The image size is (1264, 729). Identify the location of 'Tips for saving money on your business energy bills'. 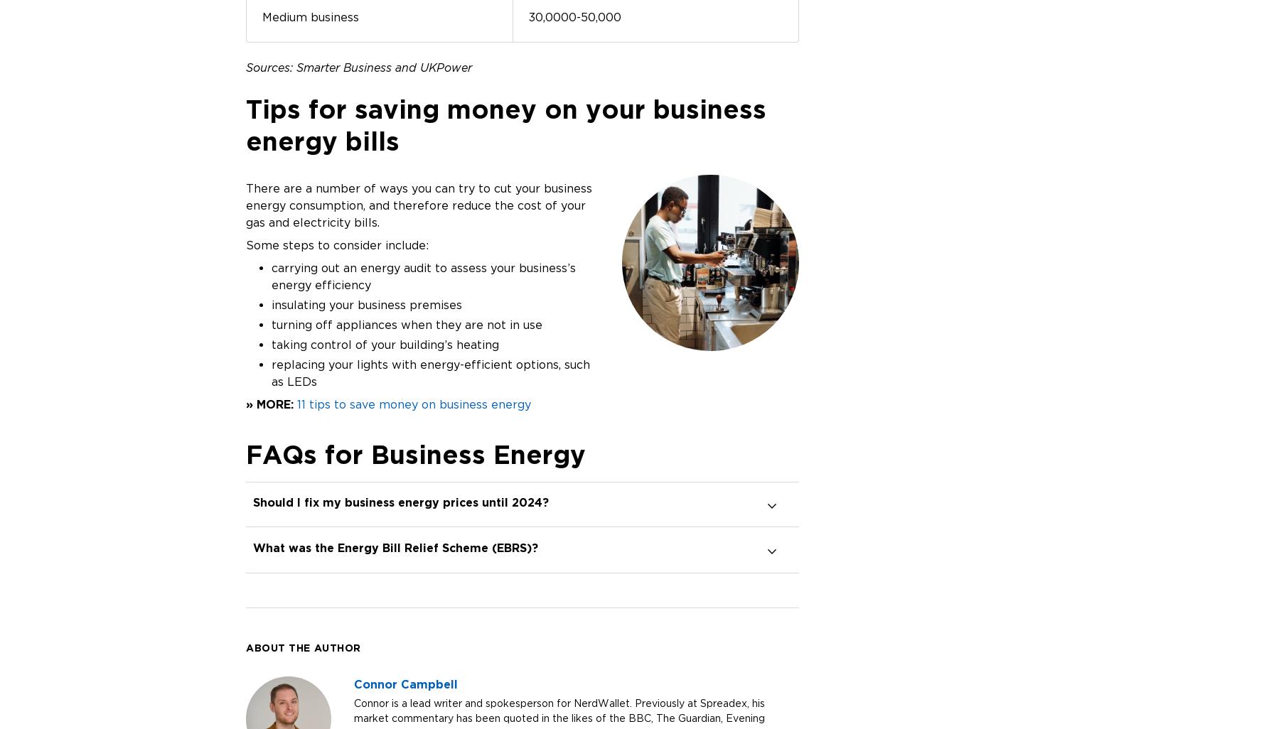
(505, 124).